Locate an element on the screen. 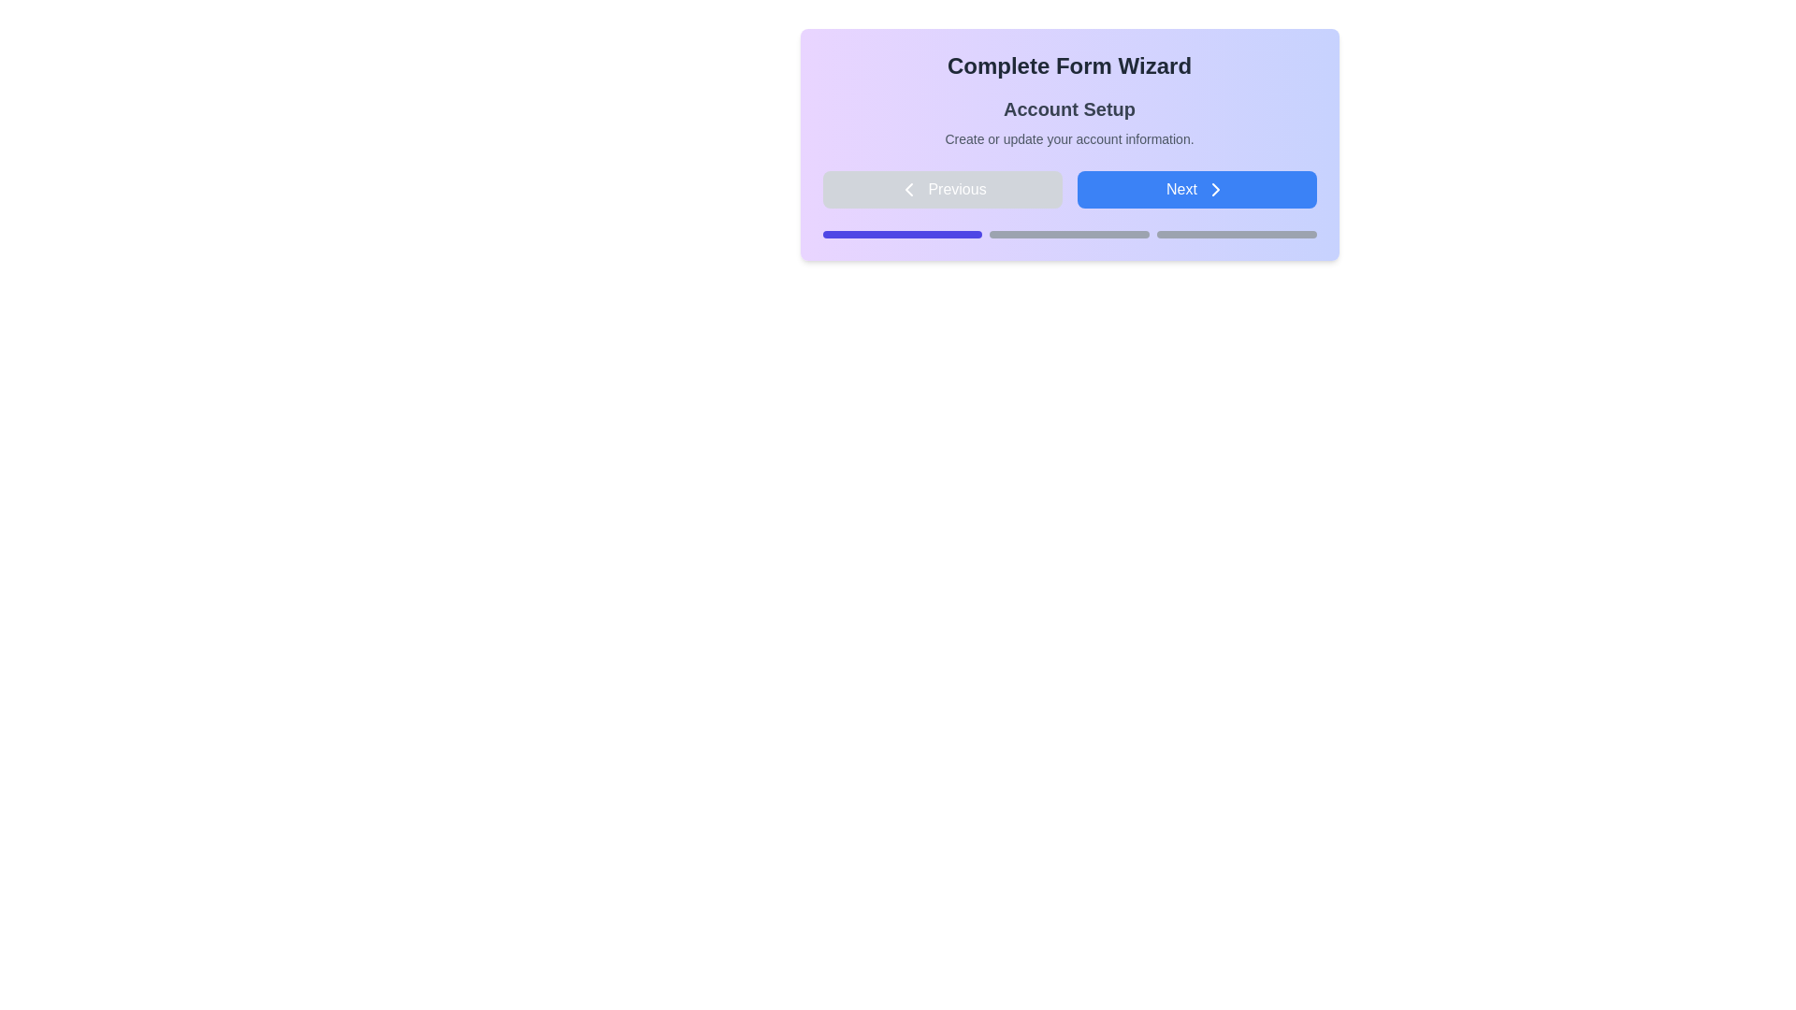  the 'Previous' button with a green background and white text, which is located to the left of the 'Next' button, if it is active is located at coordinates (942, 190).